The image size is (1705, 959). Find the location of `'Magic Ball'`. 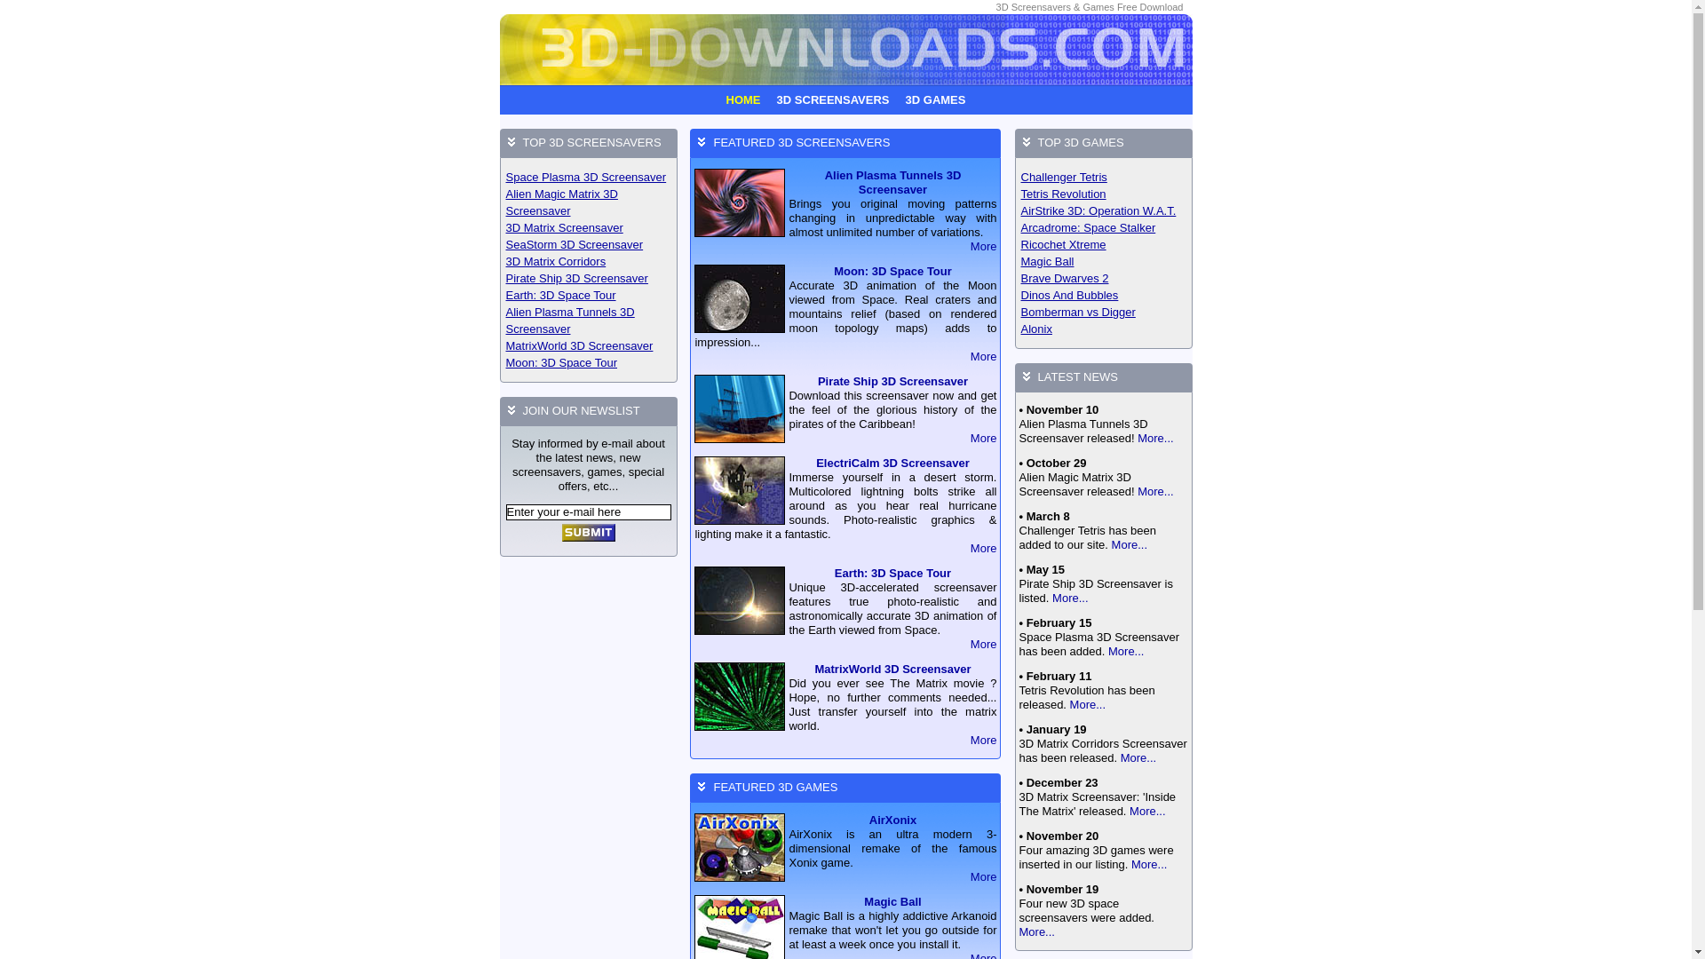

'Magic Ball' is located at coordinates (892, 901).